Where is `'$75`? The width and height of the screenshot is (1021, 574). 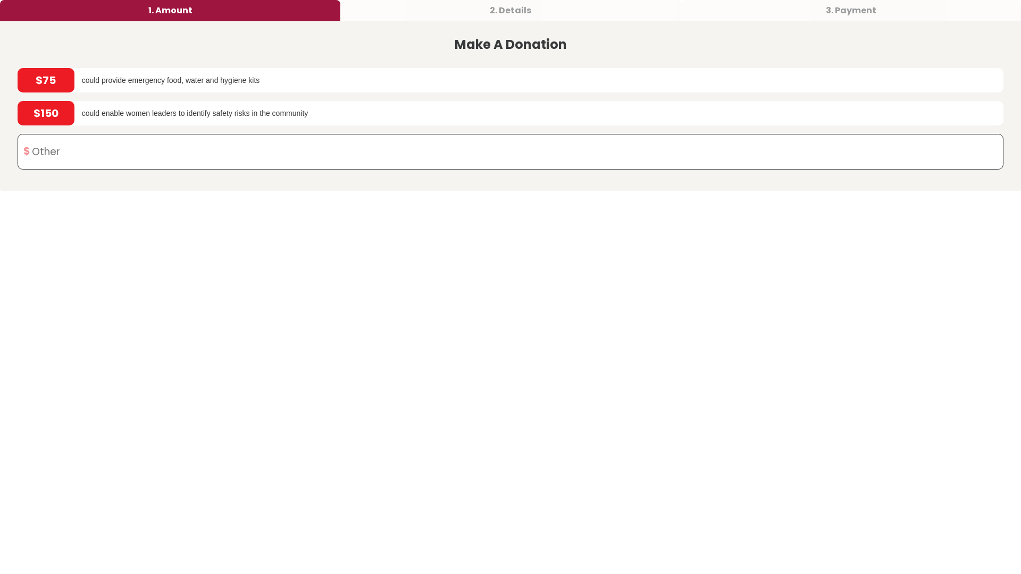 '$75 is located at coordinates (510, 79).